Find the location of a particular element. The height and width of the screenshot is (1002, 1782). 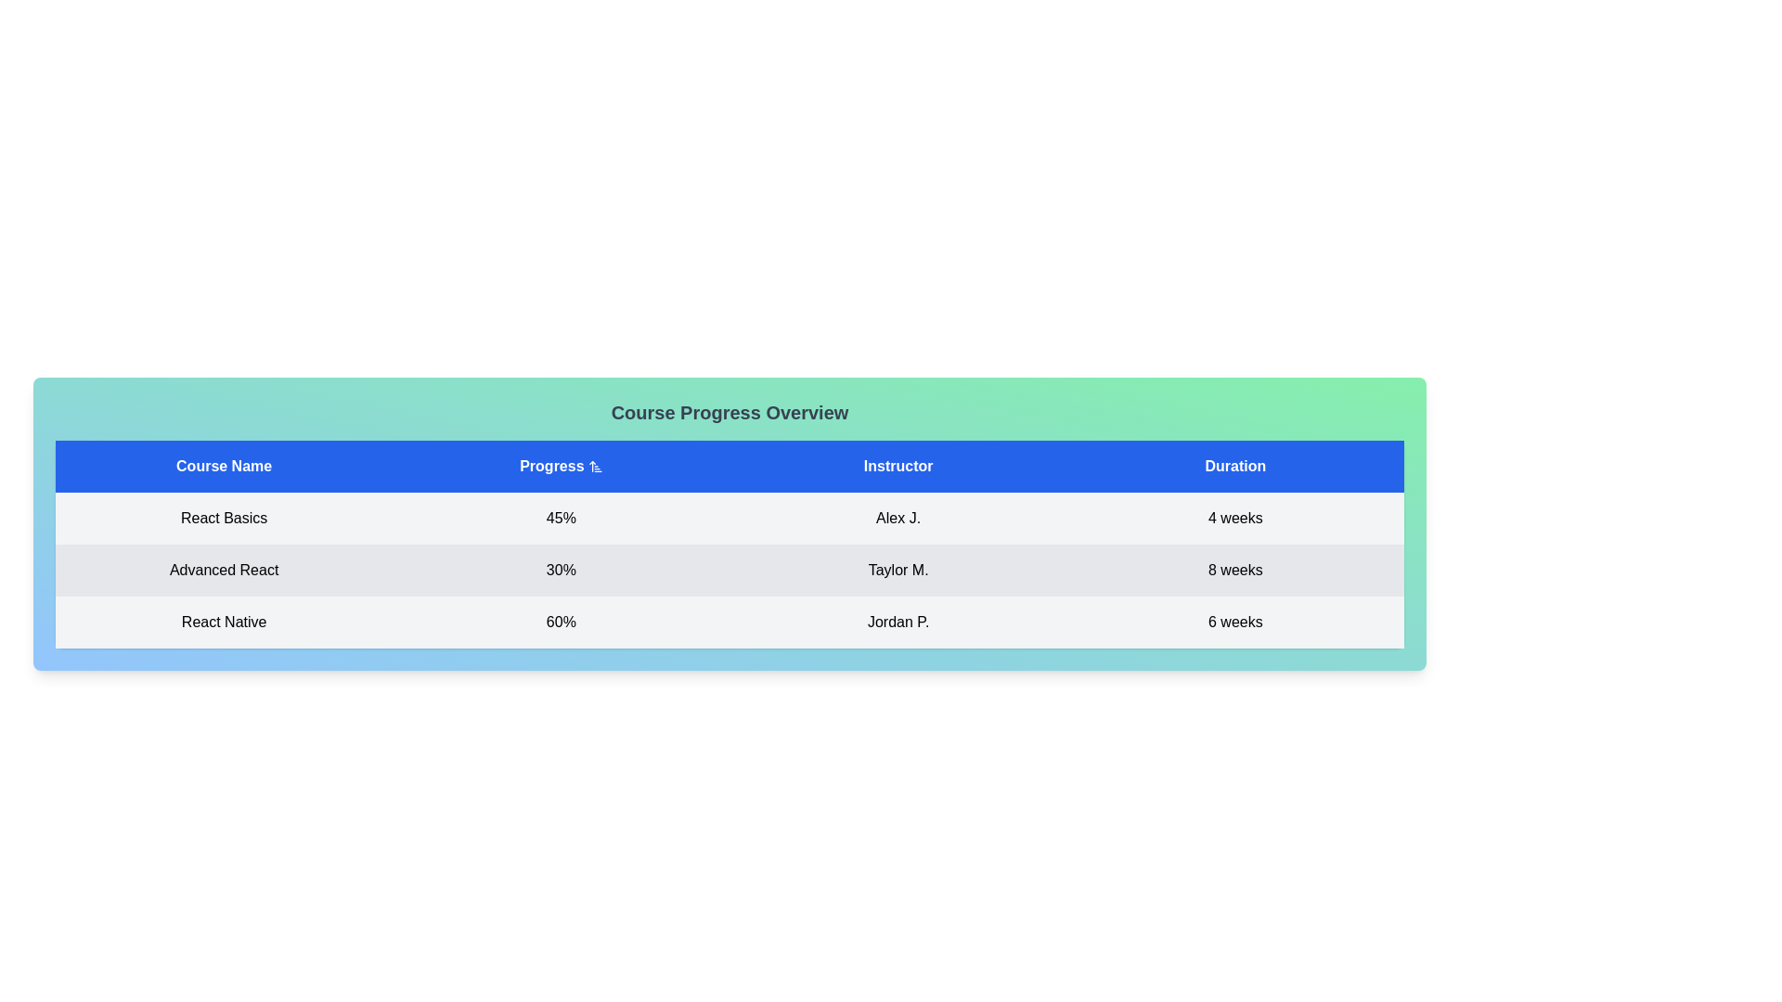

the 'Duration' Table Header Cell, which is the fourth column header in the table indicating duration data is located at coordinates (1235, 465).